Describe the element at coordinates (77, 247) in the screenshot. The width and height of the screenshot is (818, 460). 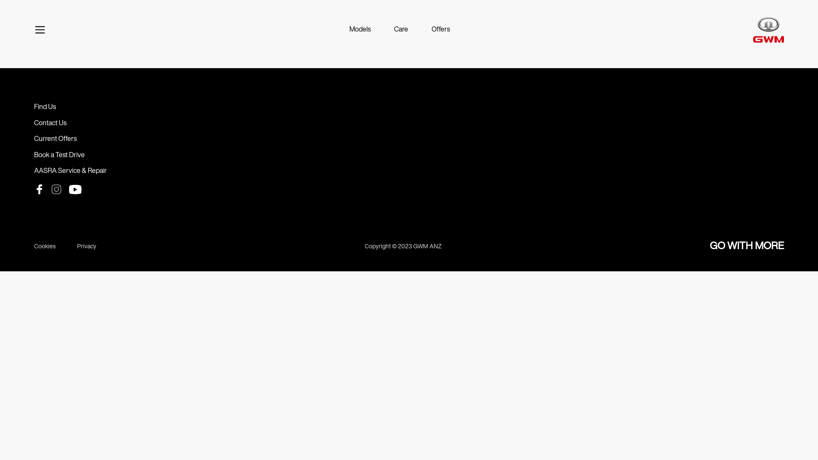
I see `'Privacy'` at that location.